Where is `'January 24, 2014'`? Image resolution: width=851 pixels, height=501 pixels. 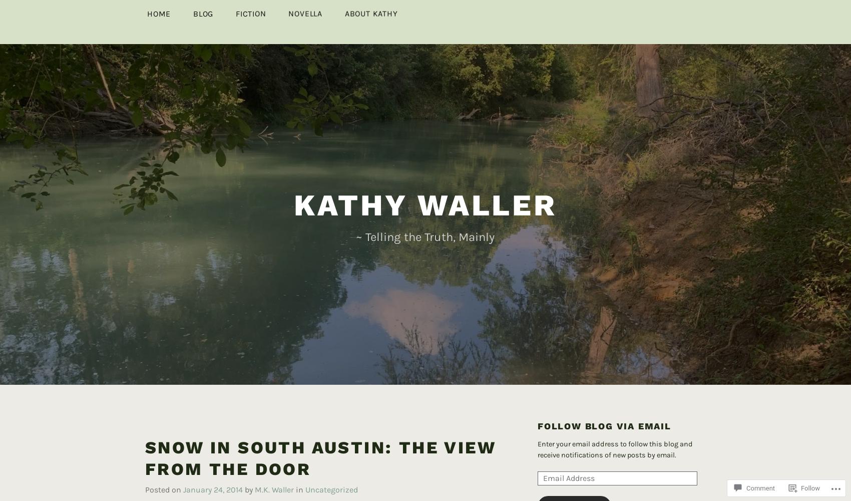
'January 24, 2014' is located at coordinates (213, 472).